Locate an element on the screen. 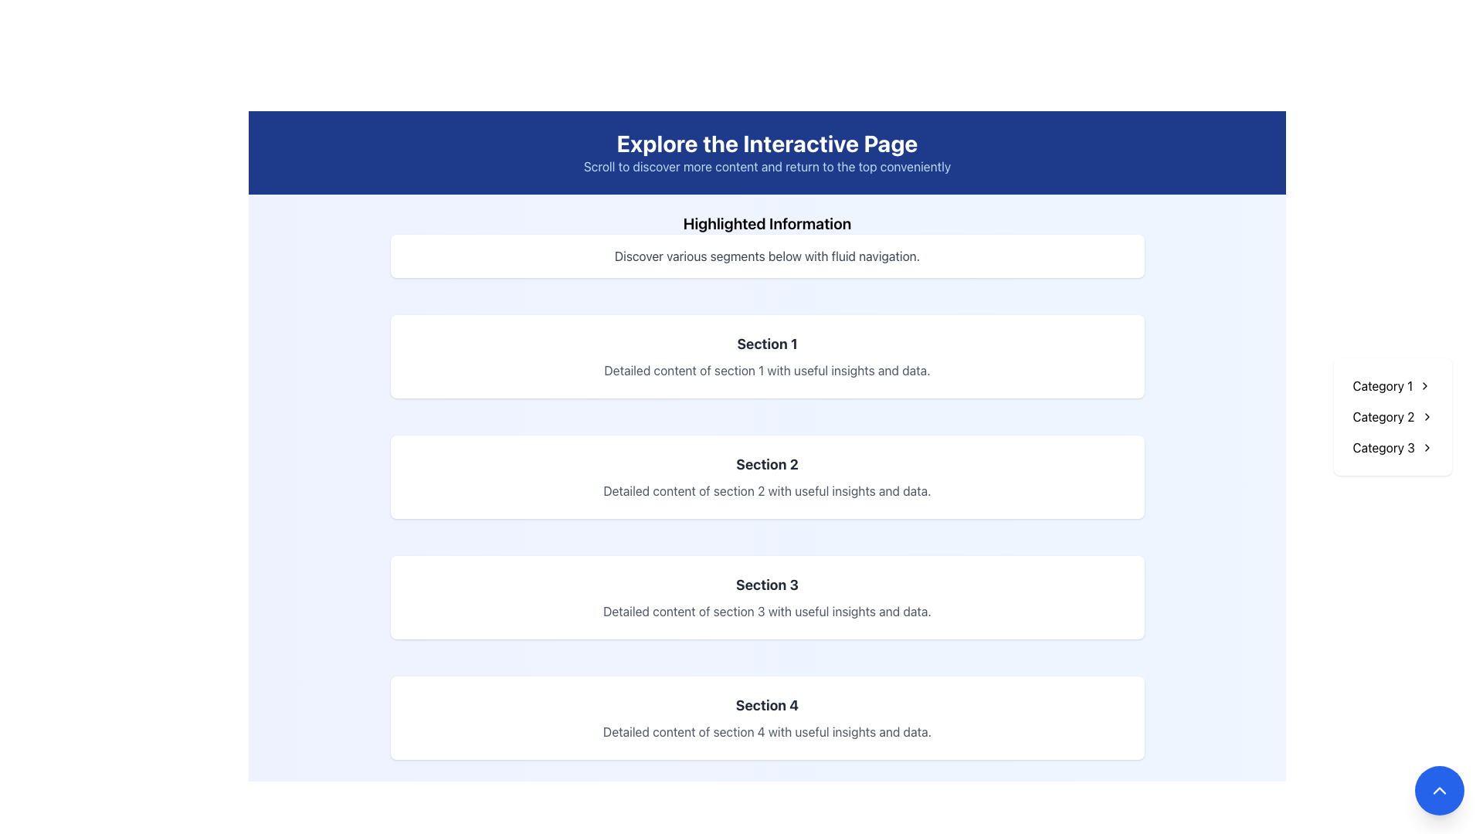 The image size is (1483, 834). the navigation icon located at the rightmost position of the row for 'Category 3' is located at coordinates (1427, 447).